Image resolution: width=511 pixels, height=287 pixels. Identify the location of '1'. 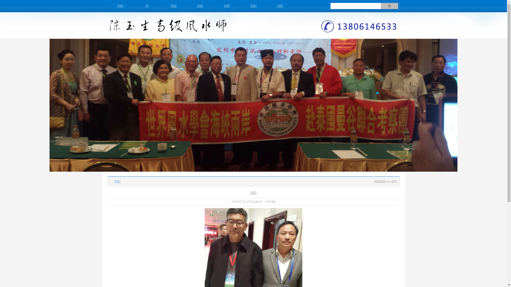
(377, 93).